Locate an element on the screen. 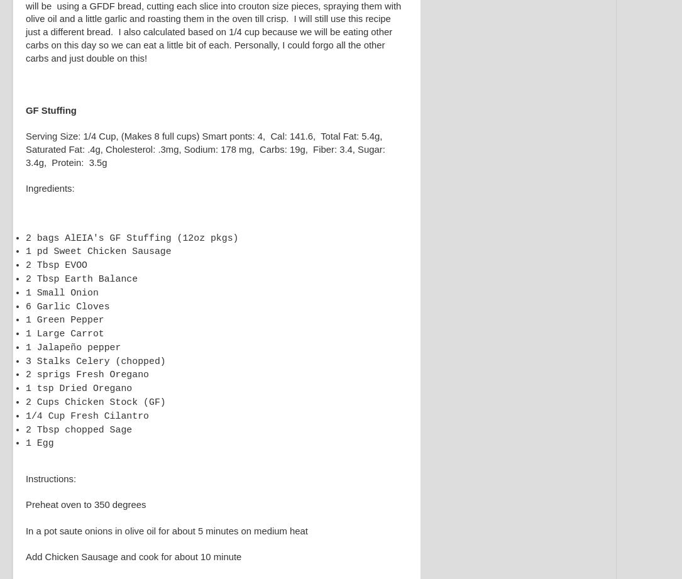 This screenshot has height=579, width=682. '3 Stalks Celery (chopped)' is located at coordinates (95, 360).